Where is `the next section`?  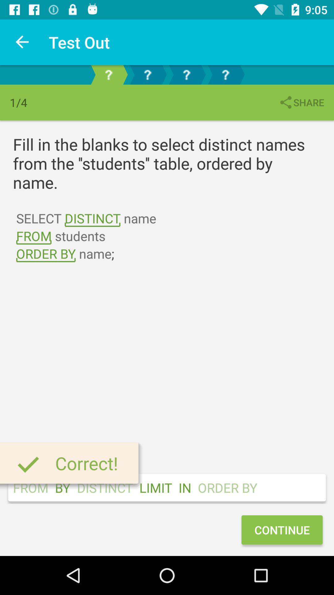
the next section is located at coordinates (148, 74).